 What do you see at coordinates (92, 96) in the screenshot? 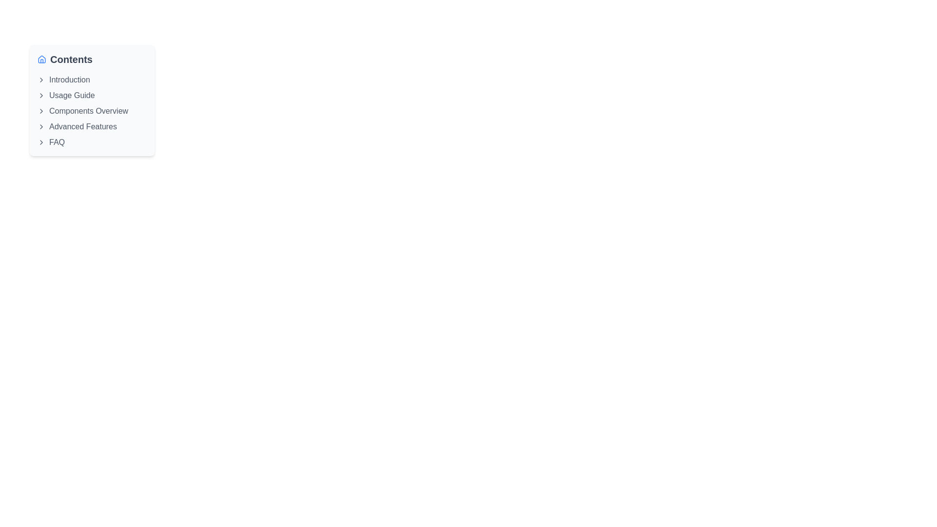
I see `the 'Usage Guide' link in the left sidebar navigation menu` at bounding box center [92, 96].